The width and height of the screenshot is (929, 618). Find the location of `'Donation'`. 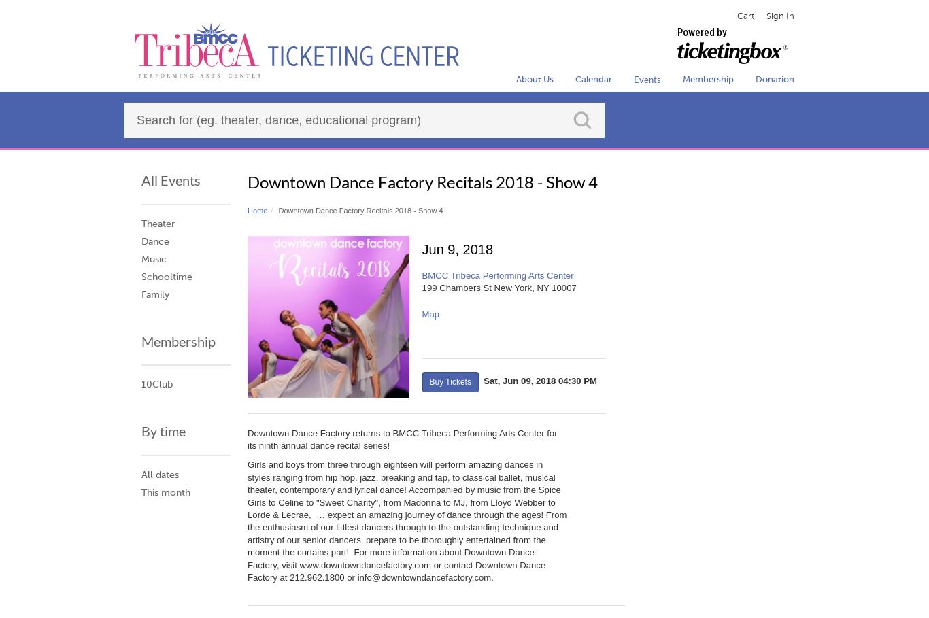

'Donation' is located at coordinates (775, 79).